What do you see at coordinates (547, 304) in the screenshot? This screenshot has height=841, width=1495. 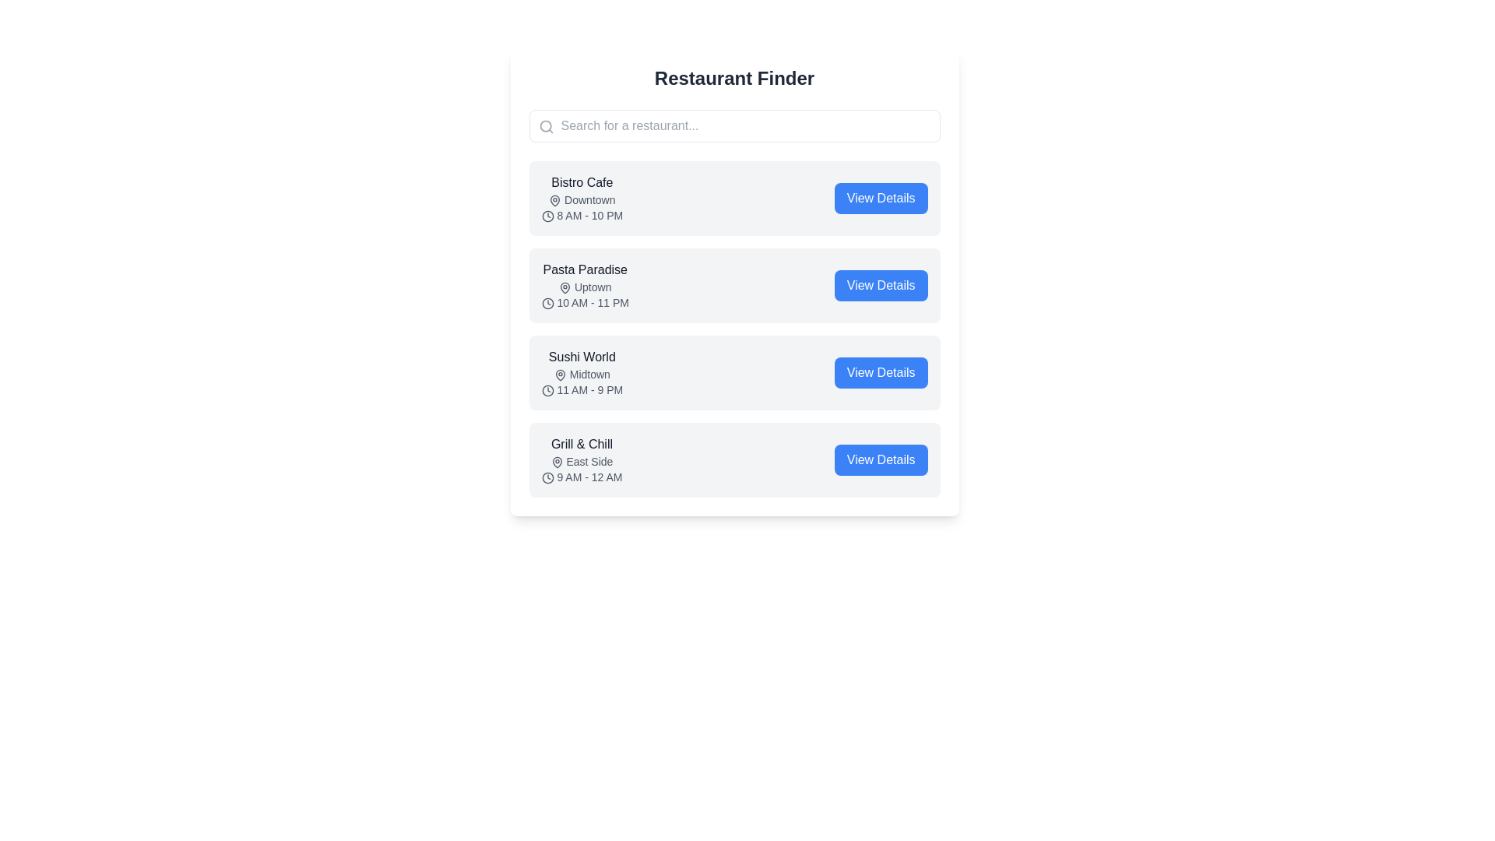 I see `the time icon located to the left of the '10 AM - 11 PM' text within the 'Pasta Paradise' section of the second card in the list layout` at bounding box center [547, 304].